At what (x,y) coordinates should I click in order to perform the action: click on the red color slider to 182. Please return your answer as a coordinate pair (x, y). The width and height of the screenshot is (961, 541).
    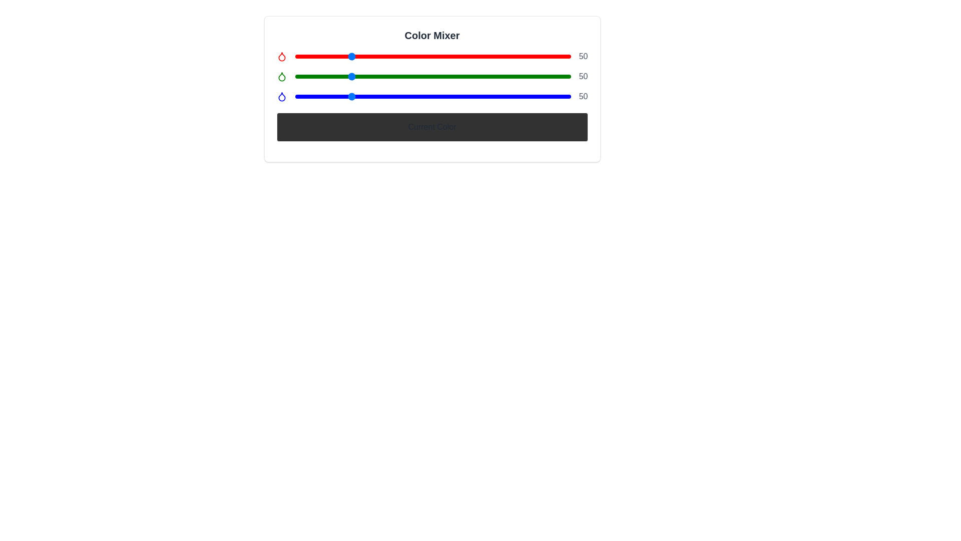
    Looking at the image, I should click on (492, 56).